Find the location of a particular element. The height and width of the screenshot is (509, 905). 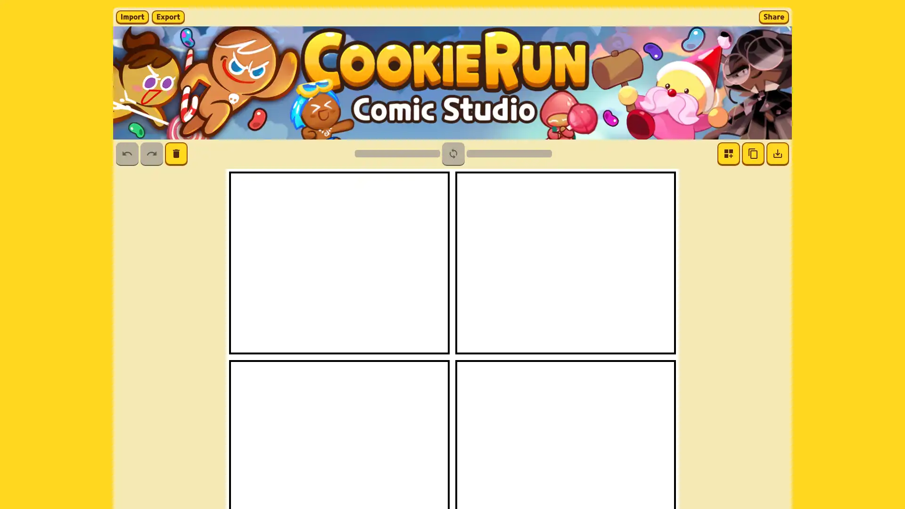

Export is located at coordinates (168, 16).